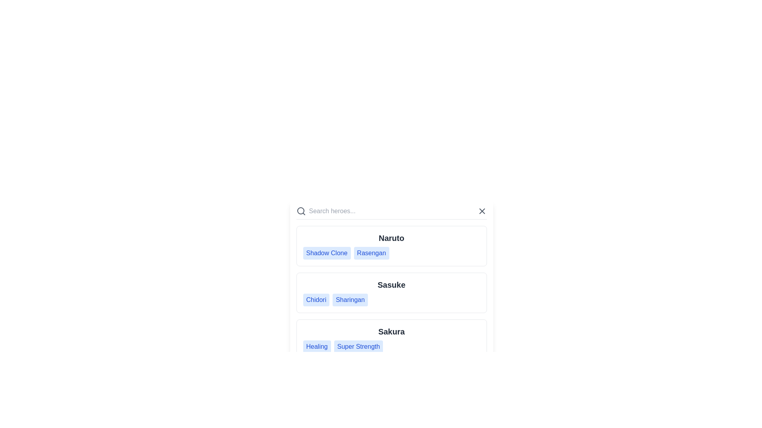 This screenshot has width=762, height=428. What do you see at coordinates (300, 210) in the screenshot?
I see `the SVG circle graphic that resembles a magnifying glass lens, located to the left of the 'Search heroes...' text input` at bounding box center [300, 210].